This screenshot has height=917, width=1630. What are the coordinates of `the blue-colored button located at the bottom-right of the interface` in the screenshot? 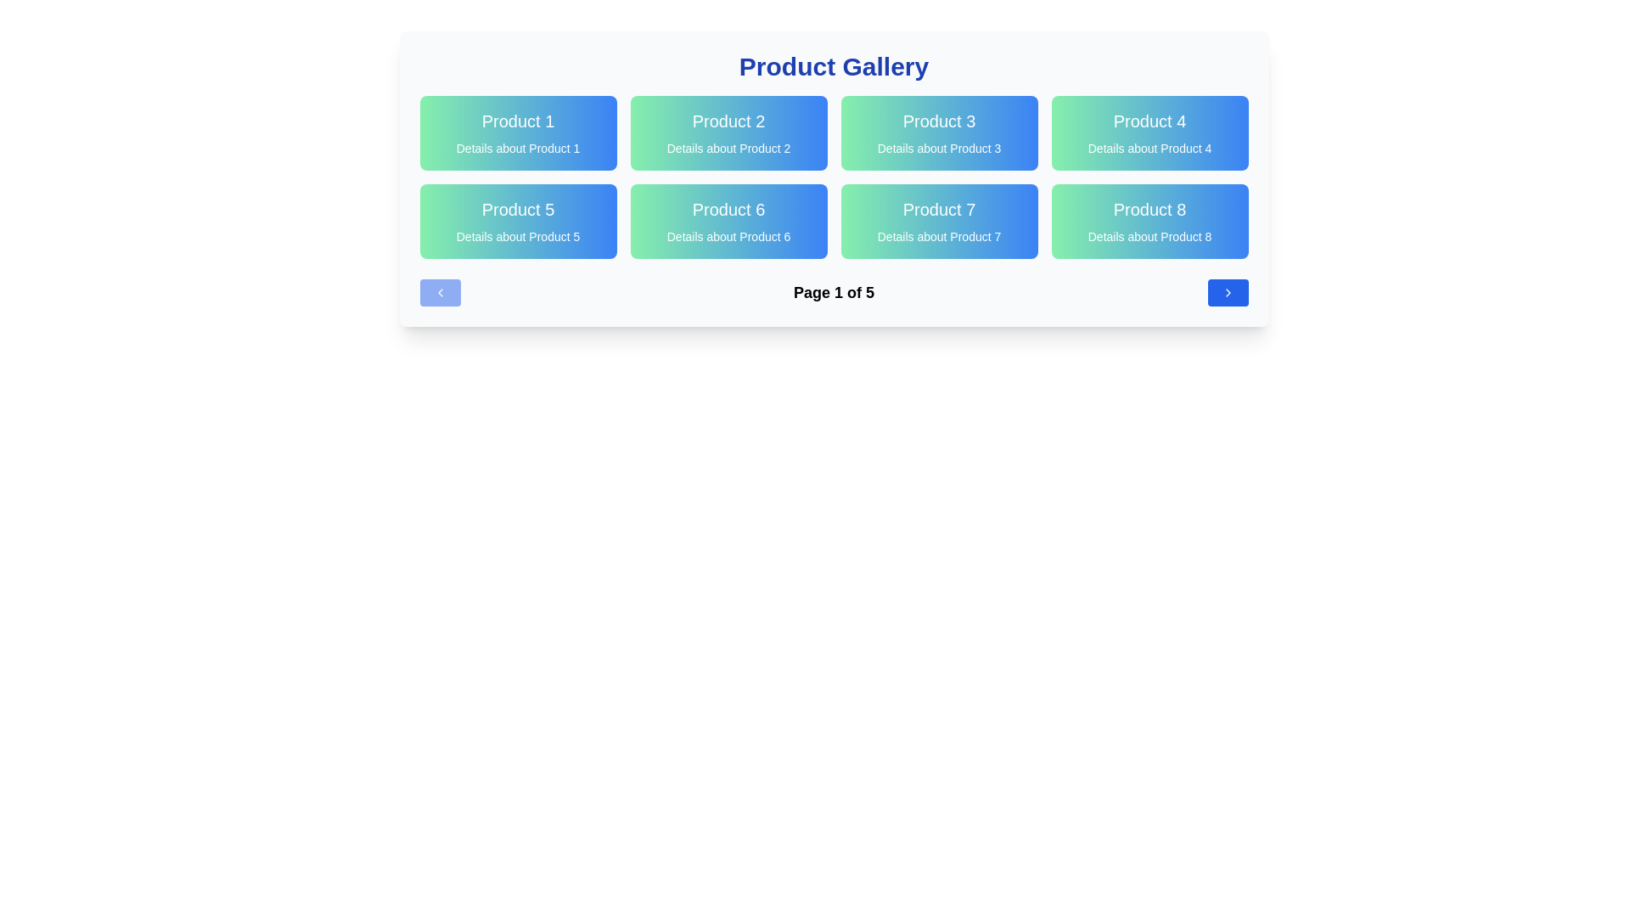 It's located at (1228, 291).